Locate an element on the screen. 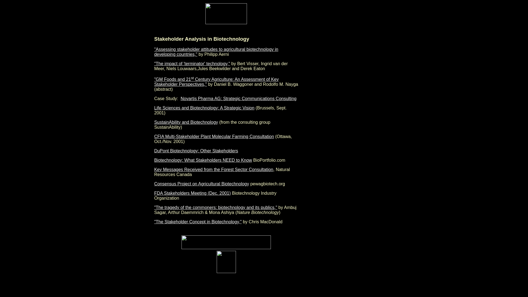 Image resolution: width=528 pixels, height=297 pixels. 'Biotechnology: What Stakeholders NEED to Know' is located at coordinates (203, 160).